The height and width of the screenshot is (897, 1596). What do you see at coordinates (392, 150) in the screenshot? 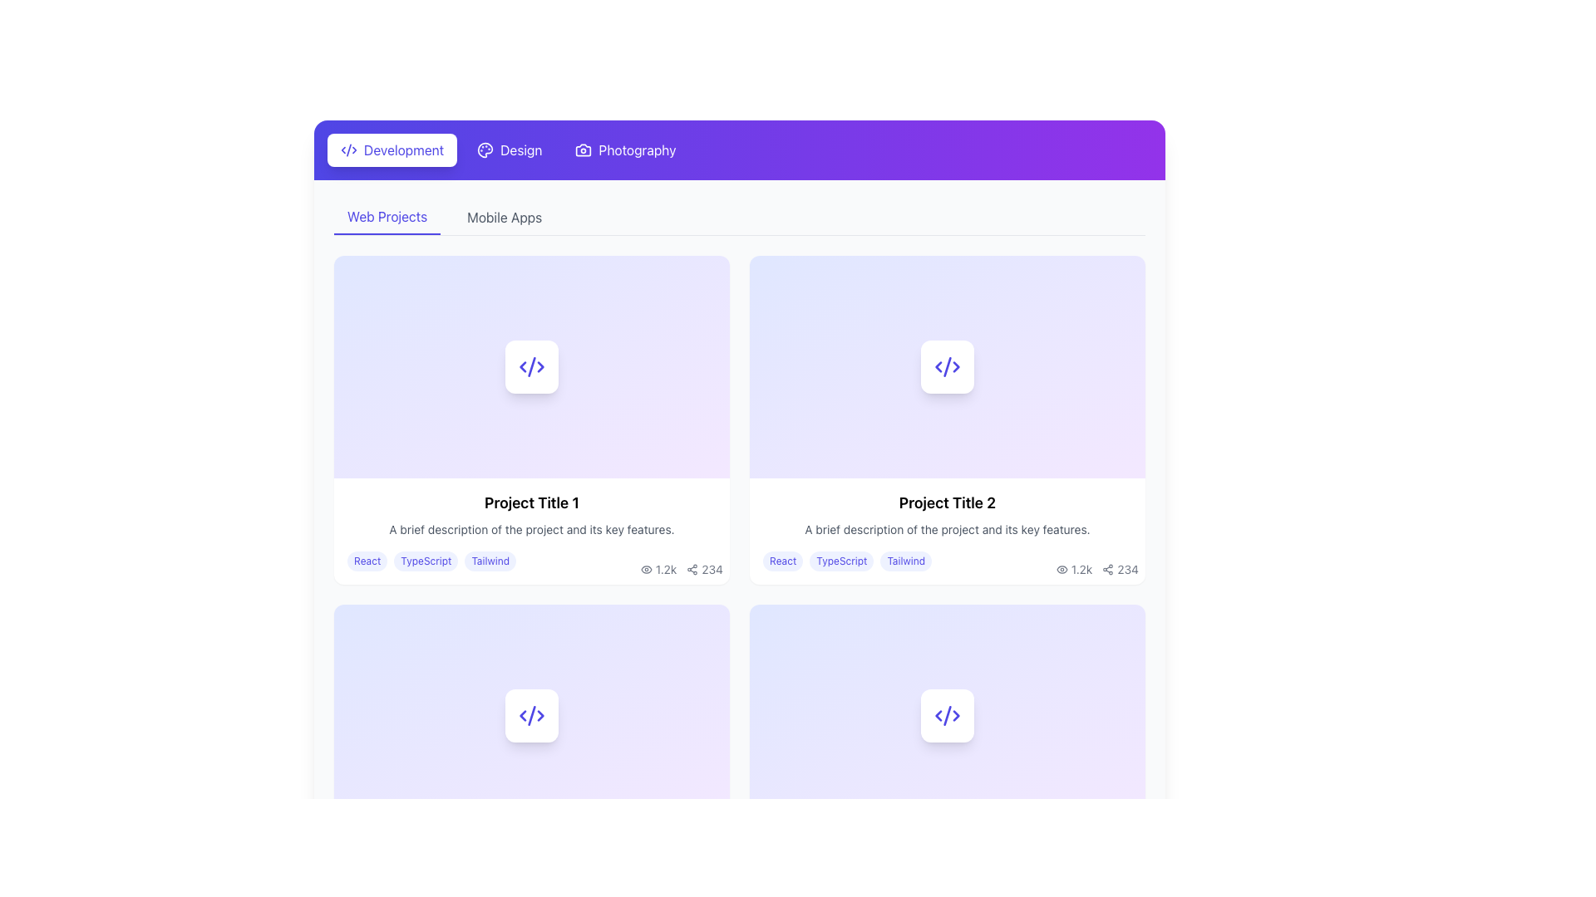
I see `the rounded rectangular button labeled 'Development' with an indigo-colored text and a code symbol icon on the left` at bounding box center [392, 150].